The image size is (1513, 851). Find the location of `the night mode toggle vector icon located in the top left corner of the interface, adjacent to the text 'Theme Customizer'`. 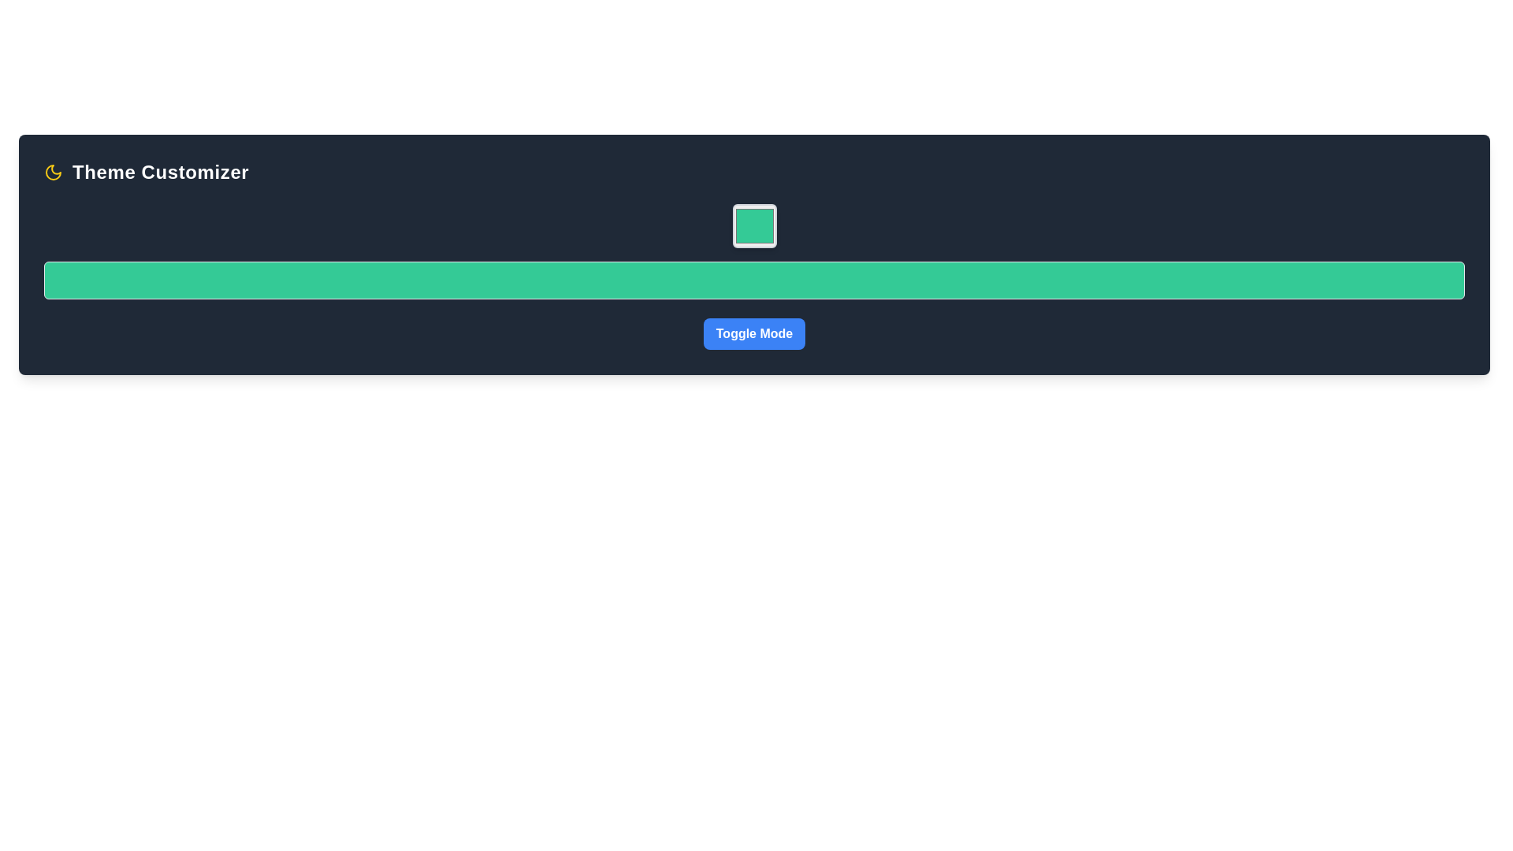

the night mode toggle vector icon located in the top left corner of the interface, adjacent to the text 'Theme Customizer' is located at coordinates (53, 173).